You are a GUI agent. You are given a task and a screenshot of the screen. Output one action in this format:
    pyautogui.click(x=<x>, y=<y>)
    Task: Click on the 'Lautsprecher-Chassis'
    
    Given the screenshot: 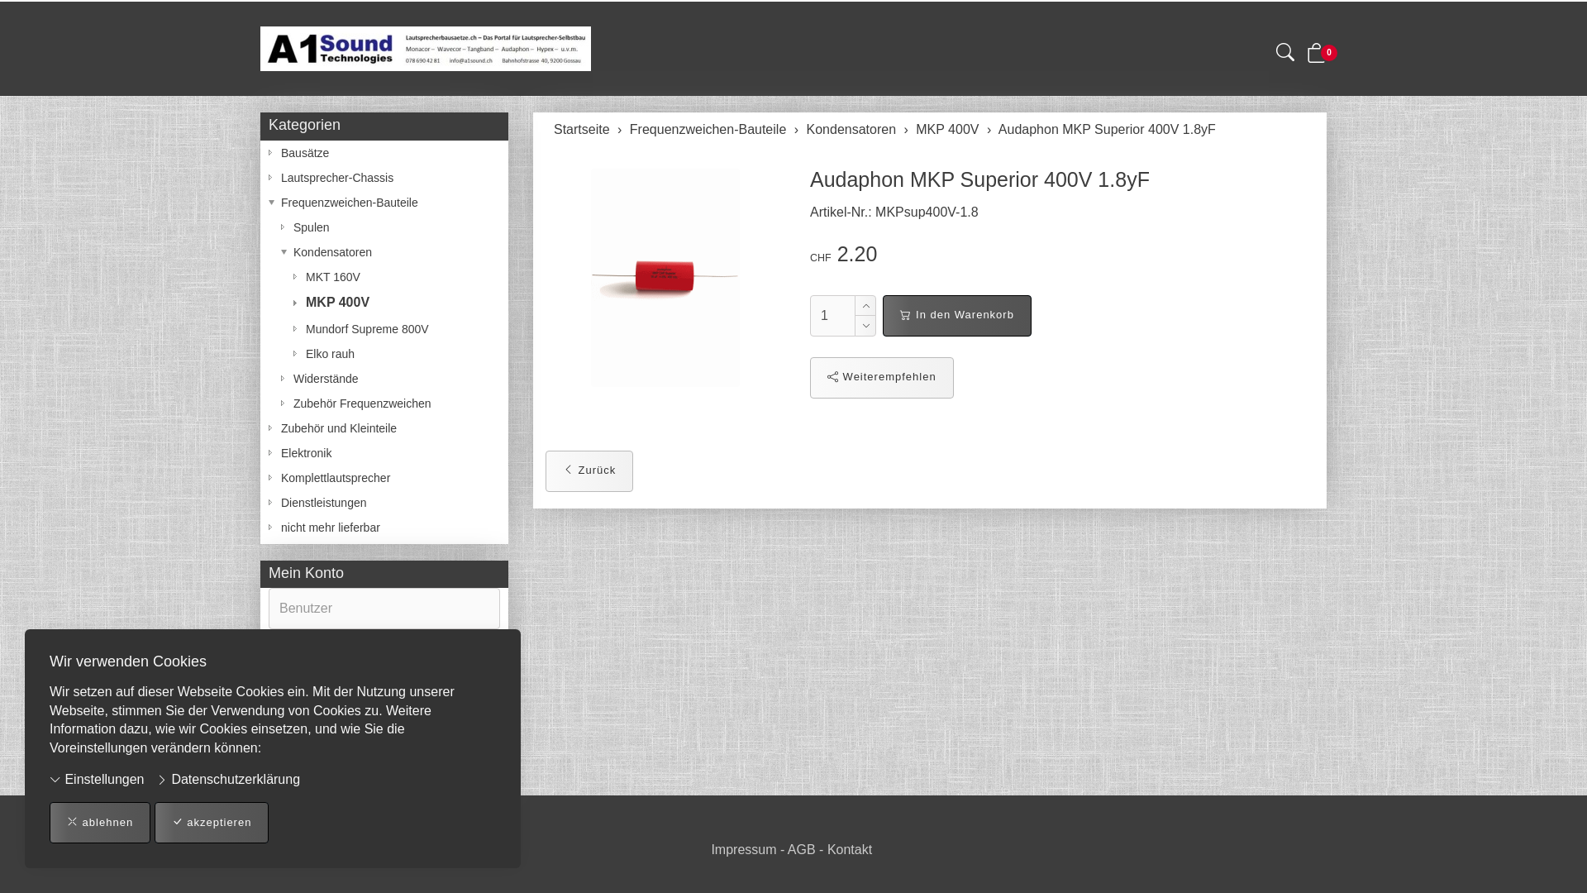 What is the action you would take?
    pyautogui.click(x=269, y=178)
    